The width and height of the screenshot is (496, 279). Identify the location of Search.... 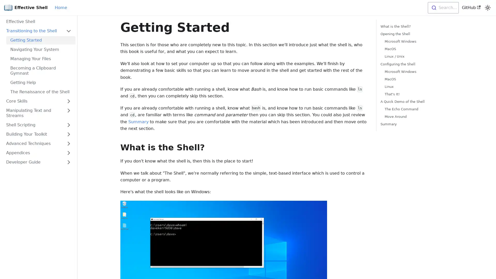
(443, 8).